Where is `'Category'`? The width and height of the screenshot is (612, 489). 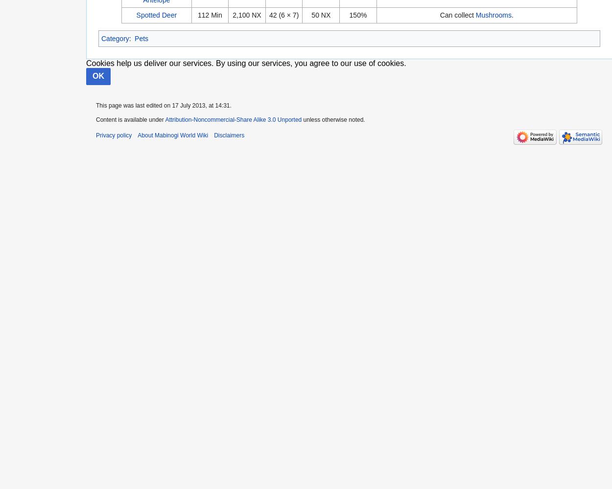 'Category' is located at coordinates (115, 38).